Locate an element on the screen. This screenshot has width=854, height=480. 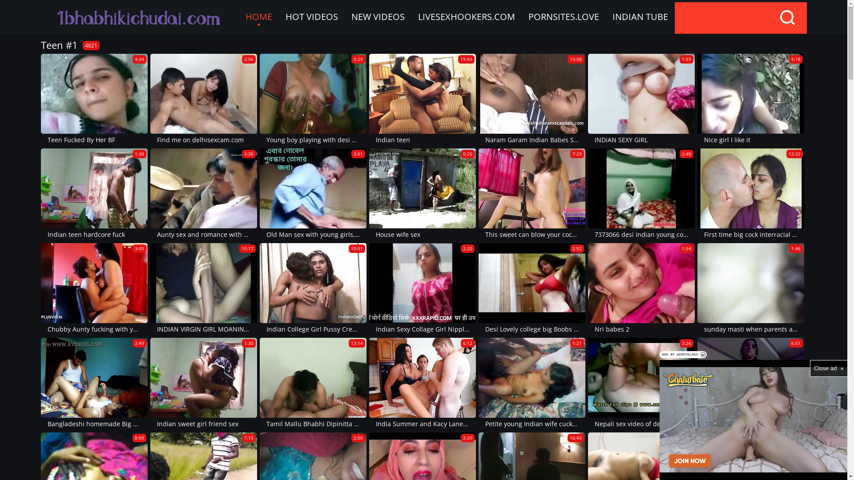
'INDIAN TUBE' is located at coordinates (605, 17).